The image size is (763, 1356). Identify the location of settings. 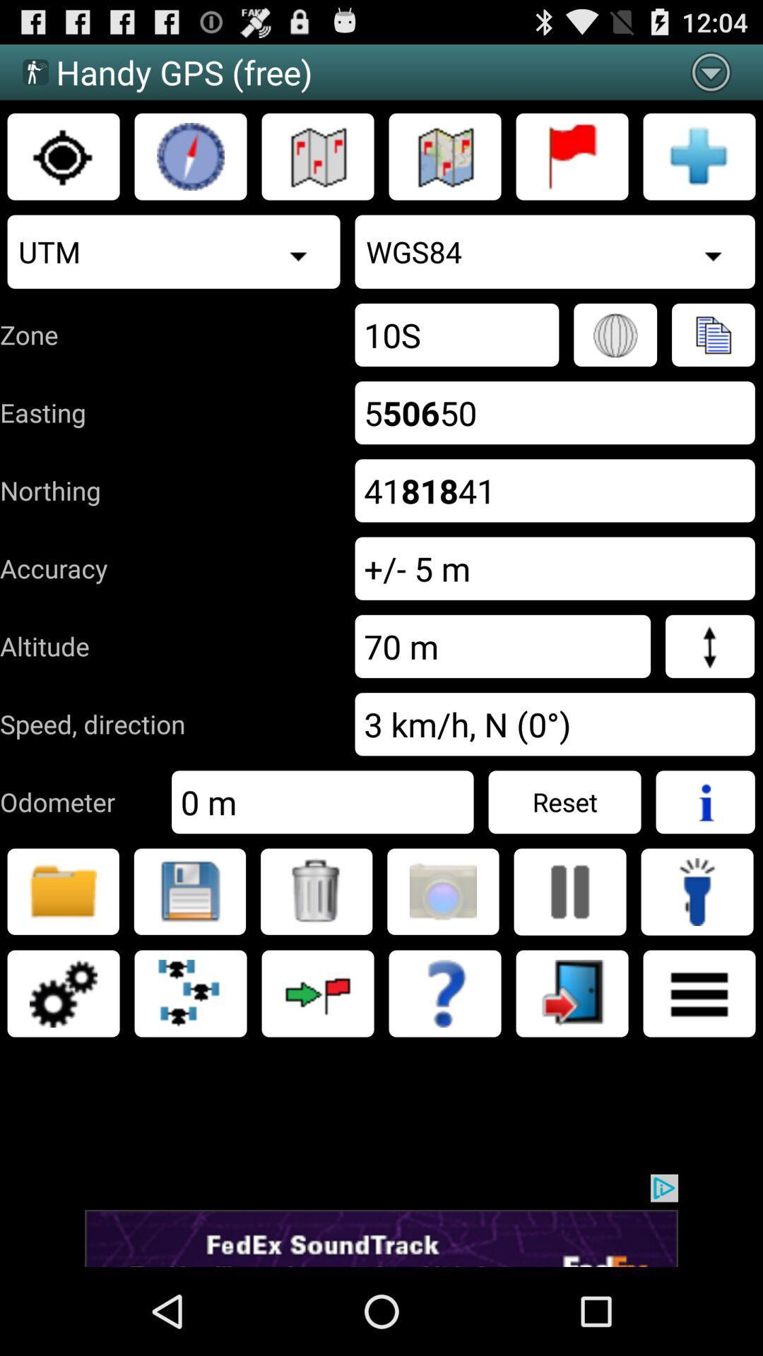
(62, 992).